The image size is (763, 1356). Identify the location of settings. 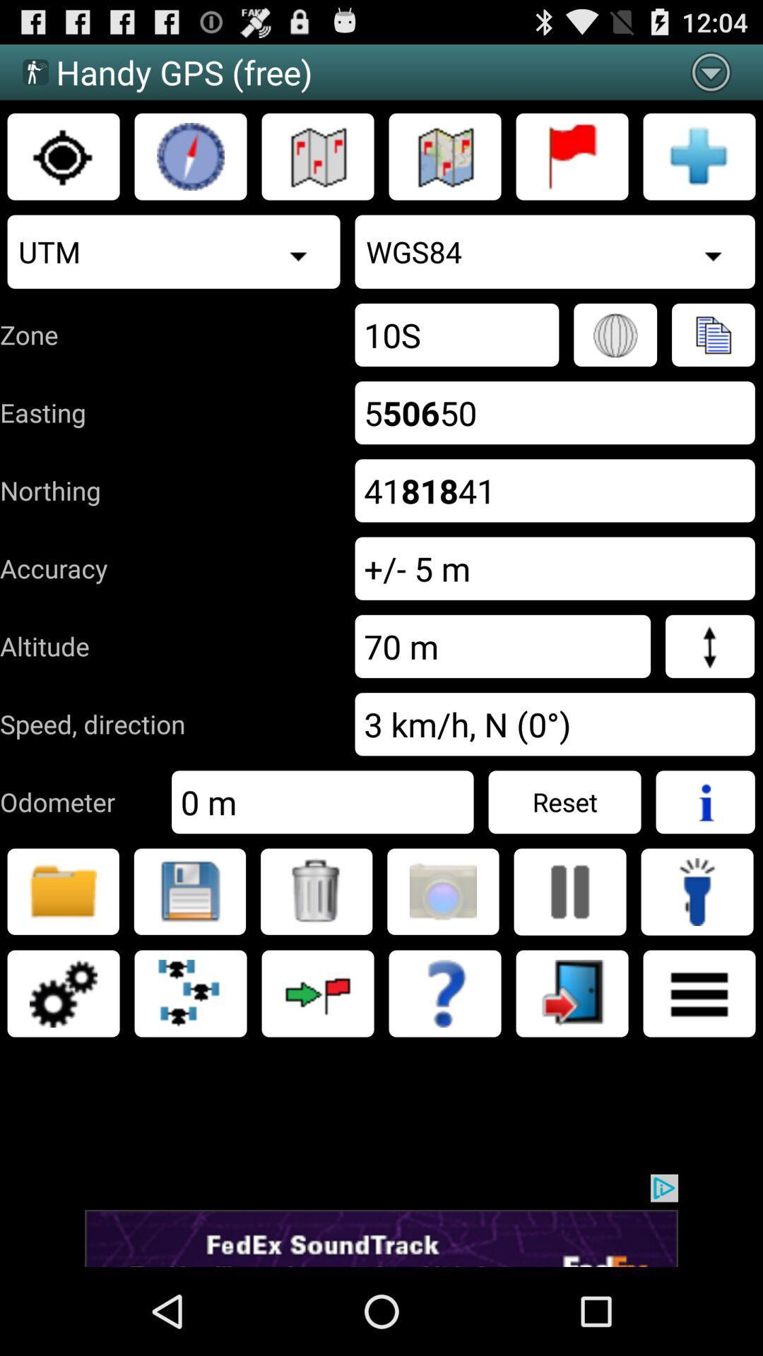
(62, 992).